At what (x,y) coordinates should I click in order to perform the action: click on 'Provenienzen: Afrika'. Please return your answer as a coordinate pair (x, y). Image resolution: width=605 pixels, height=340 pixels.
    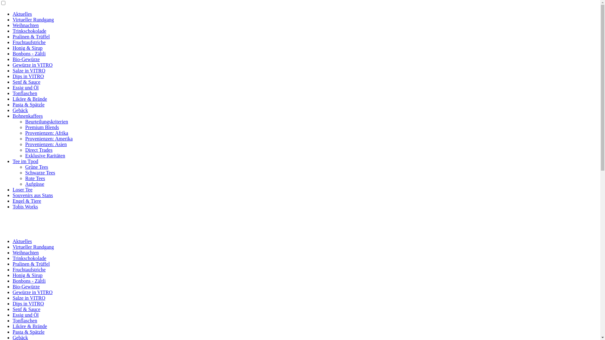
    Looking at the image, I should click on (46, 133).